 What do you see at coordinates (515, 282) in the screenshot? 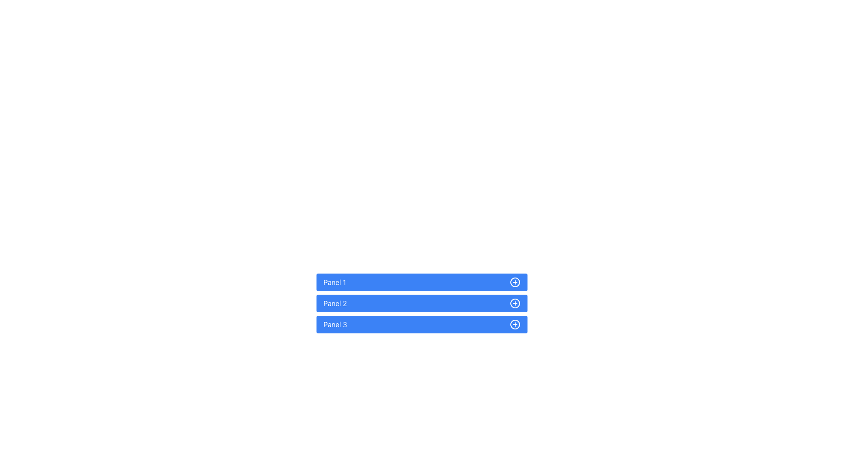
I see `the outer circular shape of the plus-icon located within the blue rectangle labeled 'Panel 1' towards the right edge` at bounding box center [515, 282].